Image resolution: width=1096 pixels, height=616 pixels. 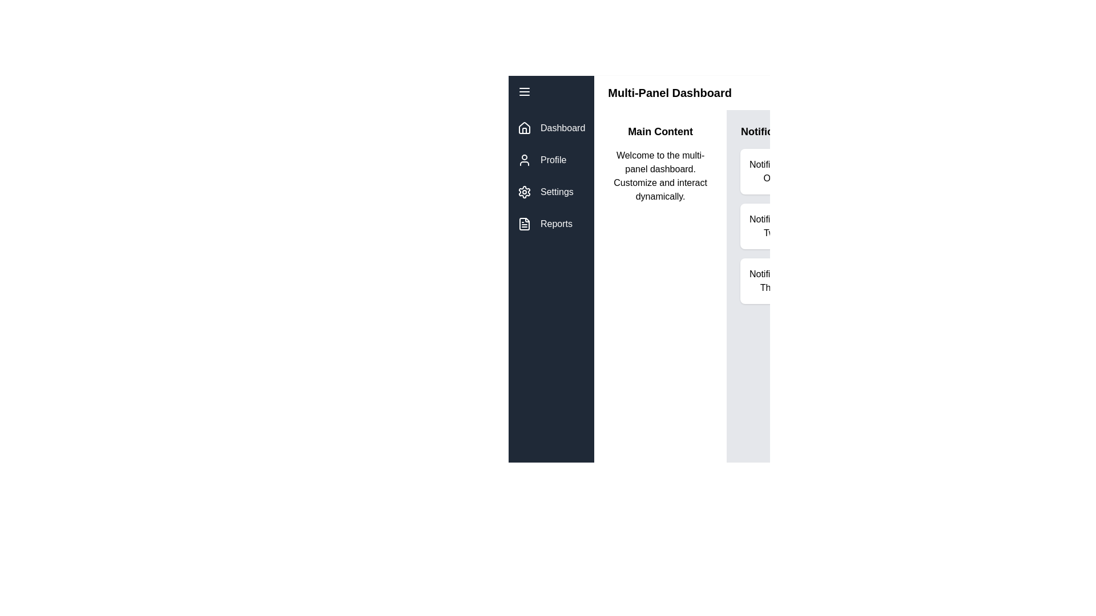 What do you see at coordinates (523, 191) in the screenshot?
I see `the settings icon located in the sidebar navigation panel, positioned third below the Dashboard and Profile icons` at bounding box center [523, 191].